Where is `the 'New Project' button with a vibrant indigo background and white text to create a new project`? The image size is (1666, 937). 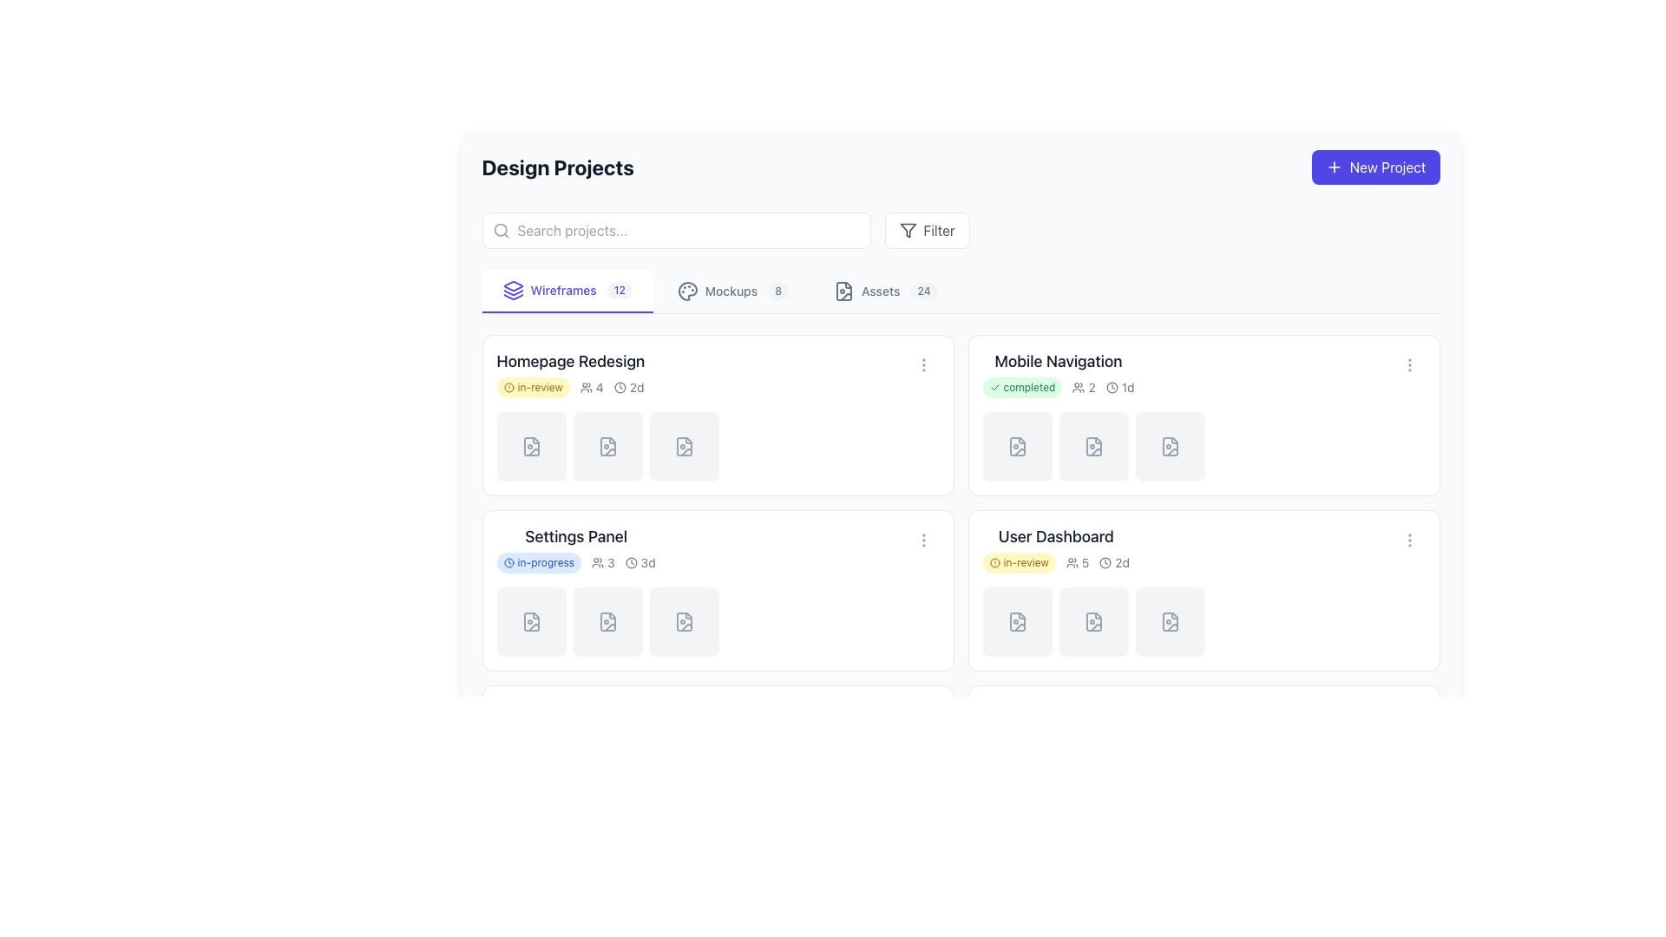
the 'New Project' button with a vibrant indigo background and white text to create a new project is located at coordinates (1374, 167).